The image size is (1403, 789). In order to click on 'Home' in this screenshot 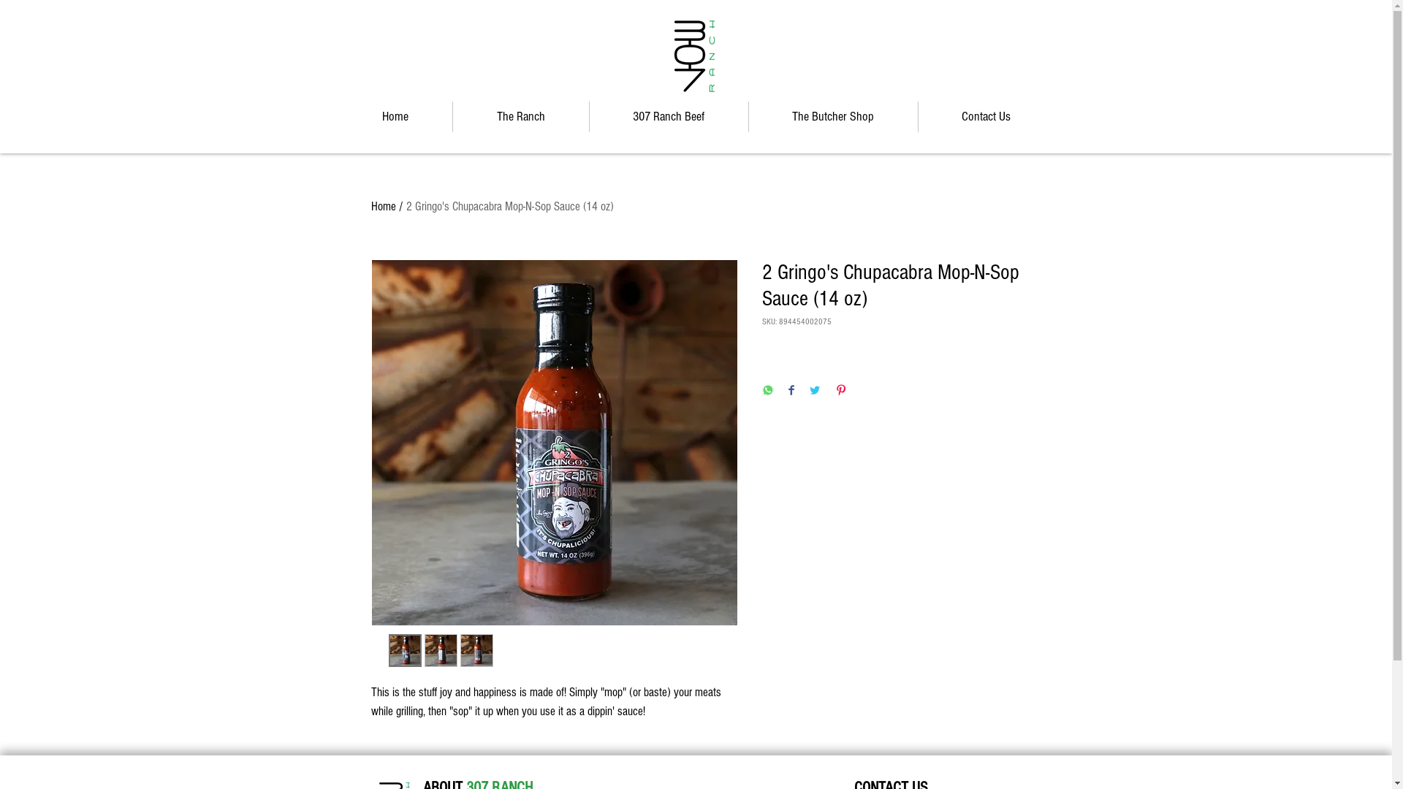, I will do `click(383, 206)`.